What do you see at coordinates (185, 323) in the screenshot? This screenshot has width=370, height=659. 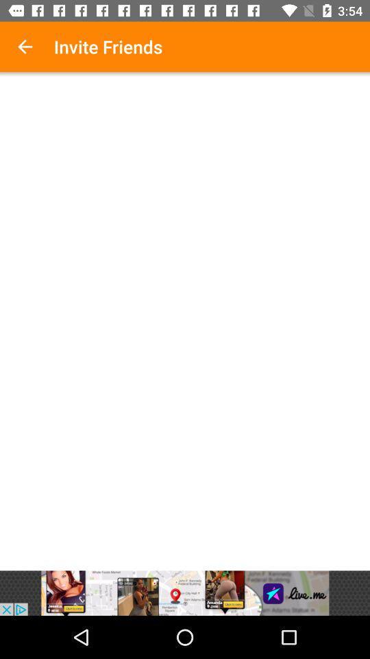 I see `page option` at bounding box center [185, 323].